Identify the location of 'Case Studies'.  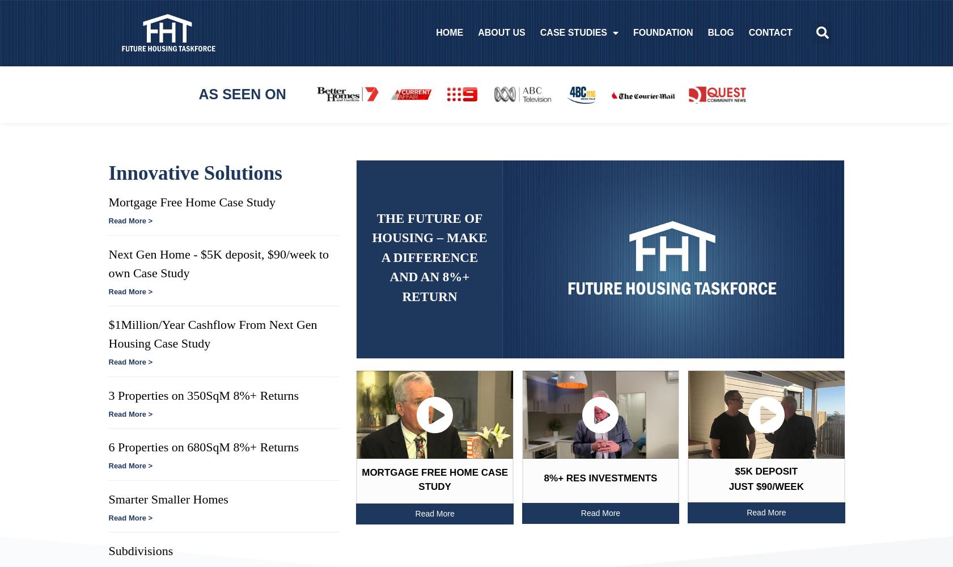
(571, 33).